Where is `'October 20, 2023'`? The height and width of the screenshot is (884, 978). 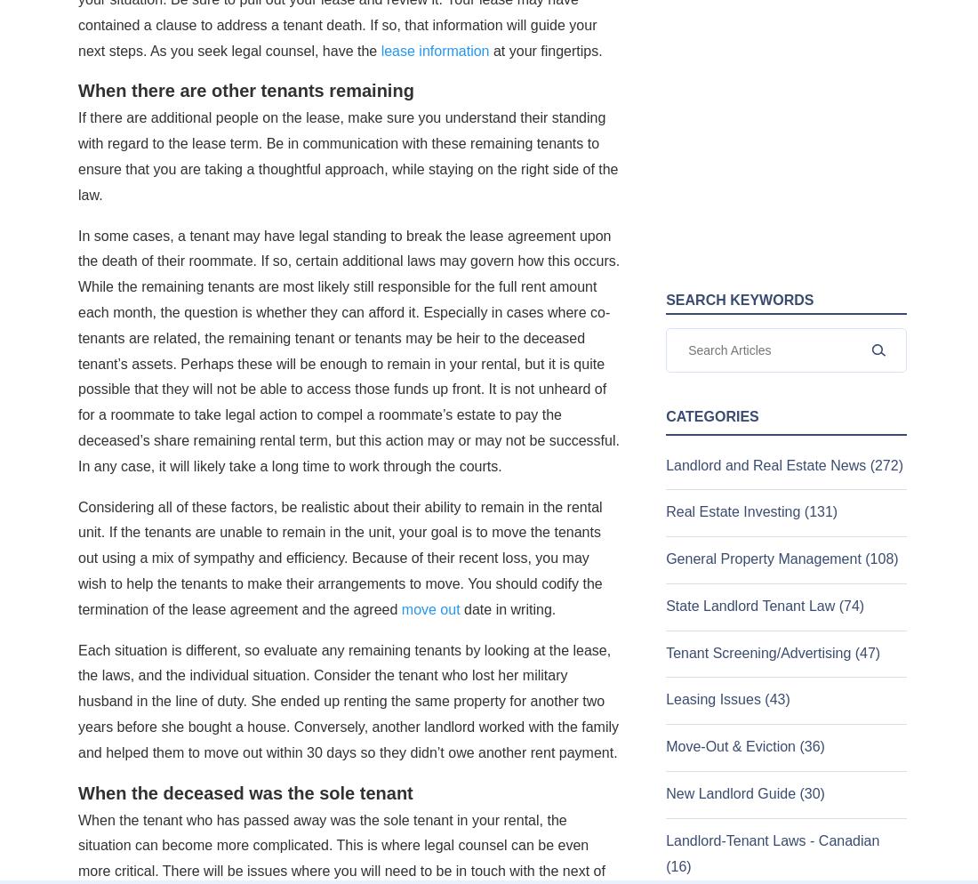
'October 20, 2023' is located at coordinates (485, 12).